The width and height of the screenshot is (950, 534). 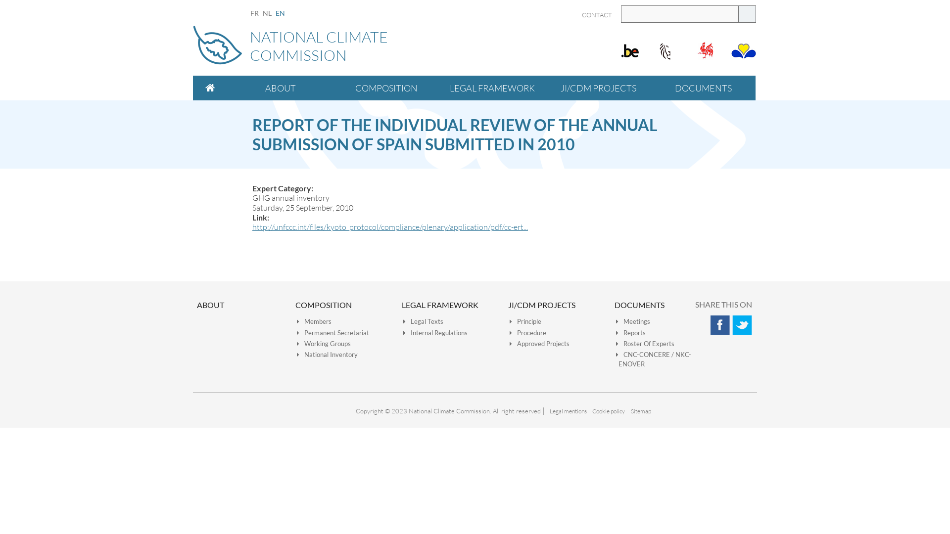 What do you see at coordinates (254, 13) in the screenshot?
I see `'FR'` at bounding box center [254, 13].